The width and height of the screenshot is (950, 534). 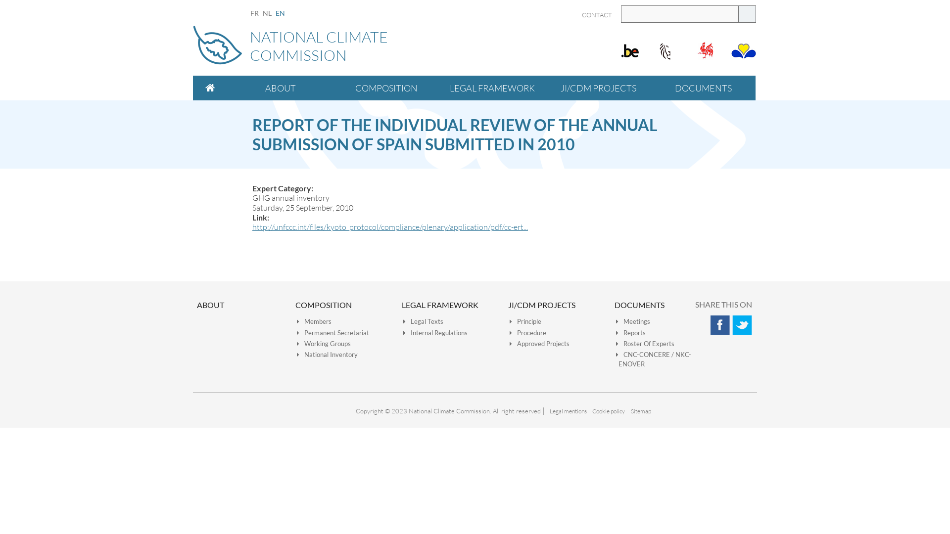 What do you see at coordinates (254, 13) in the screenshot?
I see `'FR'` at bounding box center [254, 13].